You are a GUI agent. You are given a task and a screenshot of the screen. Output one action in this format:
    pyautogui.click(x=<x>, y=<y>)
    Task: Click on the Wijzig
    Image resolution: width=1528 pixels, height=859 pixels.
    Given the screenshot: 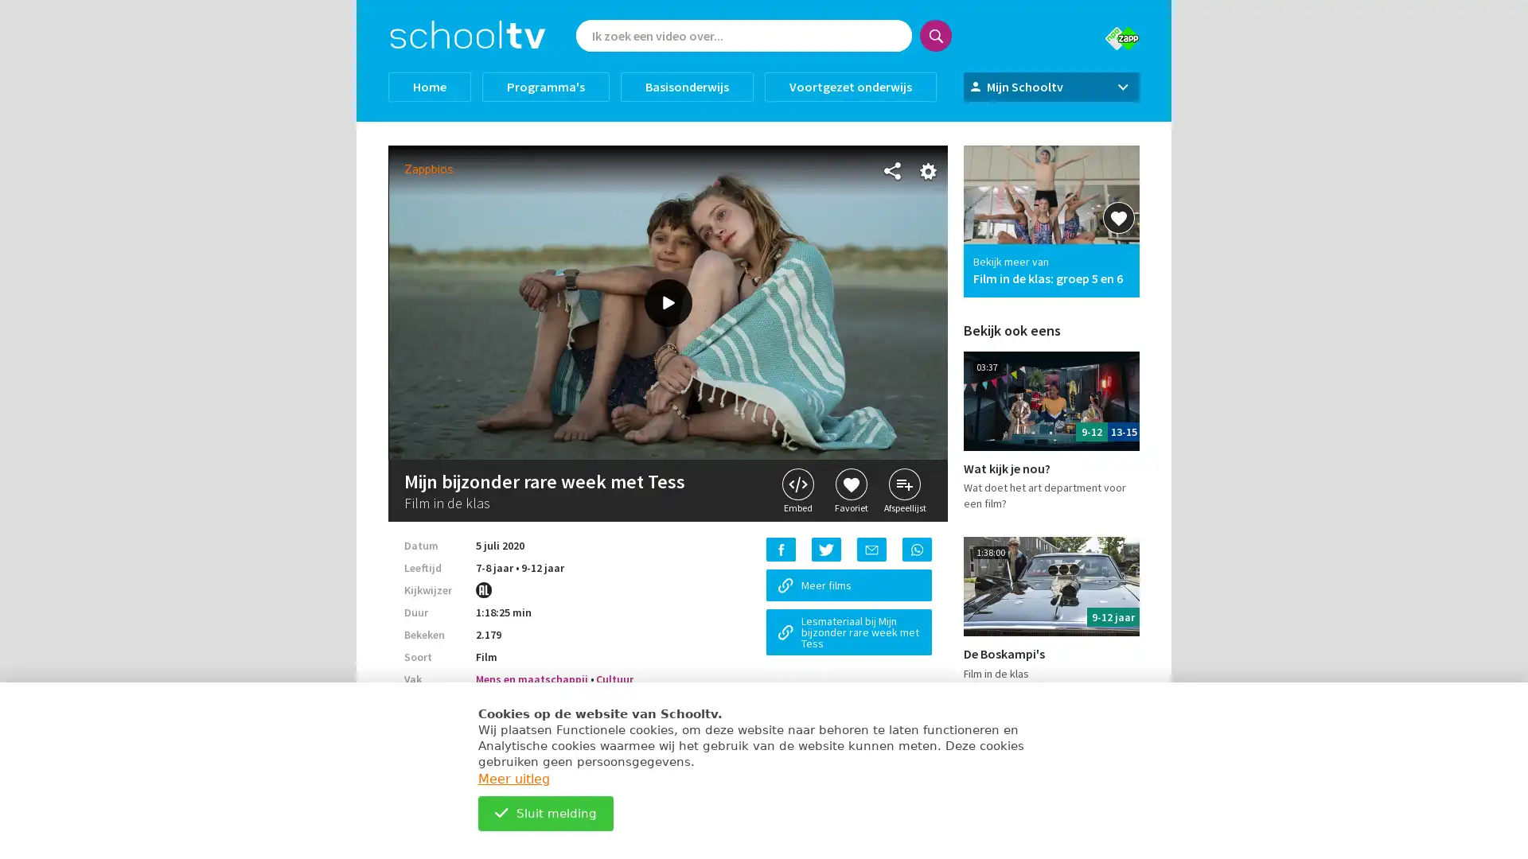 What is the action you would take?
    pyautogui.click(x=764, y=288)
    